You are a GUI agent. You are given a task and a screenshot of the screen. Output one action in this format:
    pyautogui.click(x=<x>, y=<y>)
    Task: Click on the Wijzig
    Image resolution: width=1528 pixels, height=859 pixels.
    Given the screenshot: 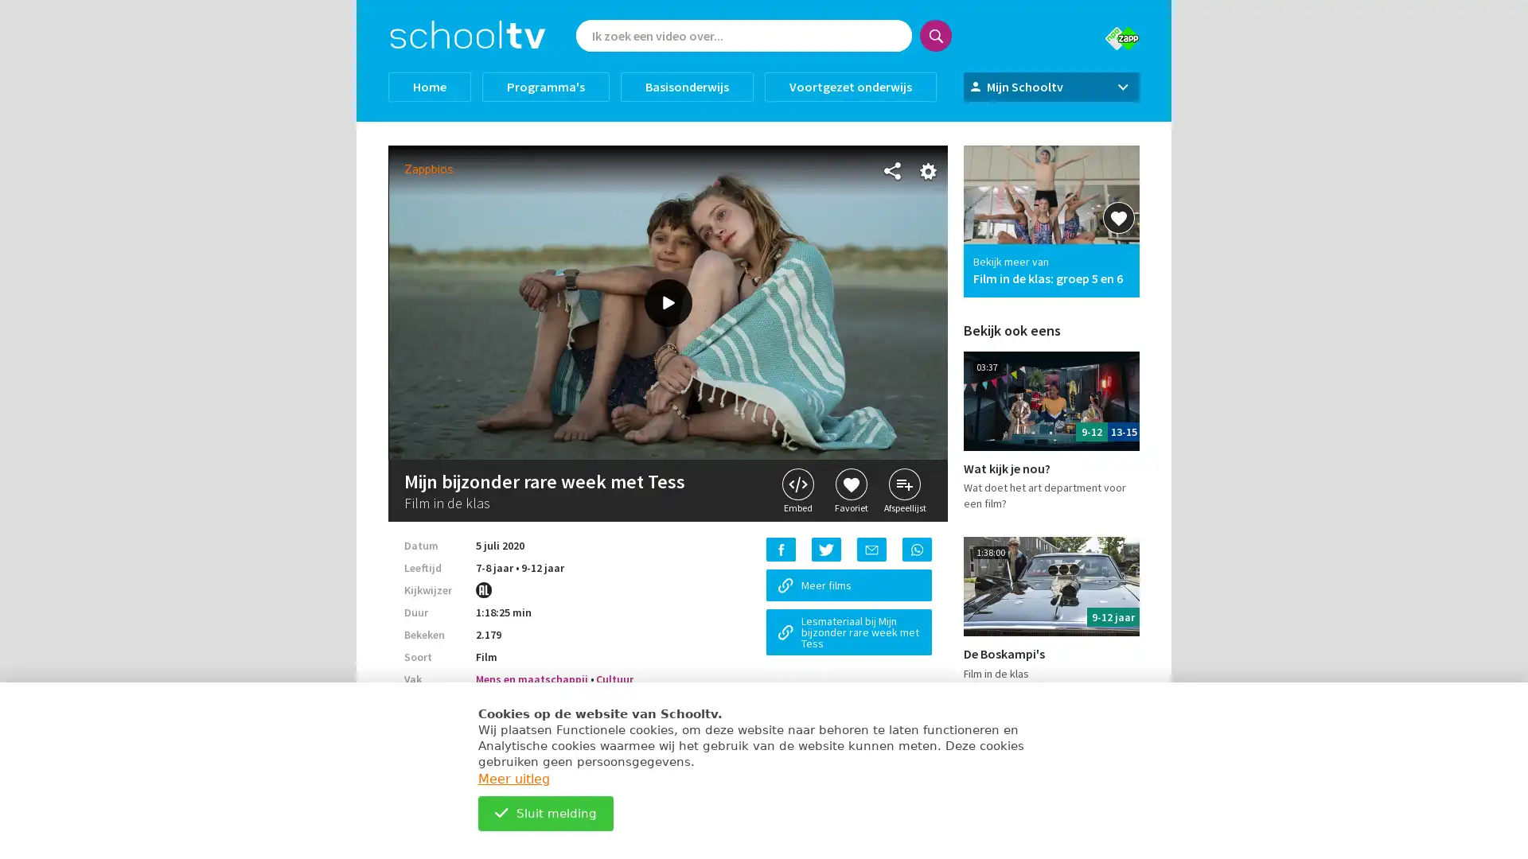 What is the action you would take?
    pyautogui.click(x=764, y=288)
    